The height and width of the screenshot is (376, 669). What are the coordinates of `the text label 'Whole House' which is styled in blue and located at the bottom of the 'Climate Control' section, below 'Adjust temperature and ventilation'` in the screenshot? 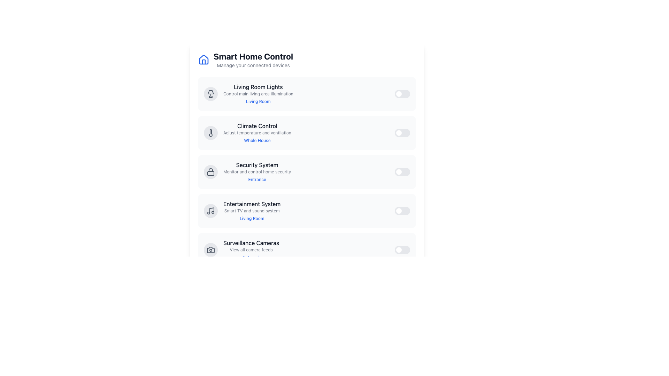 It's located at (257, 140).